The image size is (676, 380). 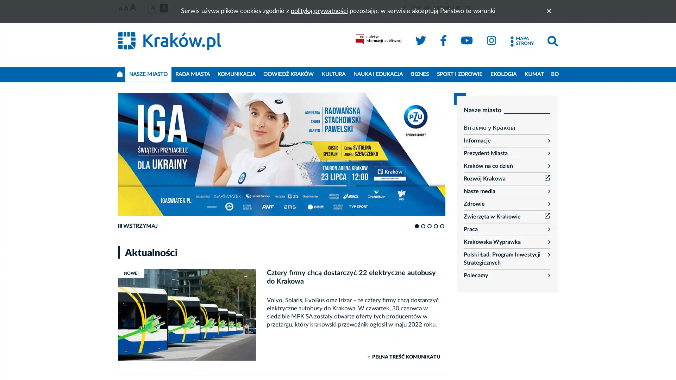 What do you see at coordinates (442, 226) in the screenshot?
I see `Go to slide 5` at bounding box center [442, 226].